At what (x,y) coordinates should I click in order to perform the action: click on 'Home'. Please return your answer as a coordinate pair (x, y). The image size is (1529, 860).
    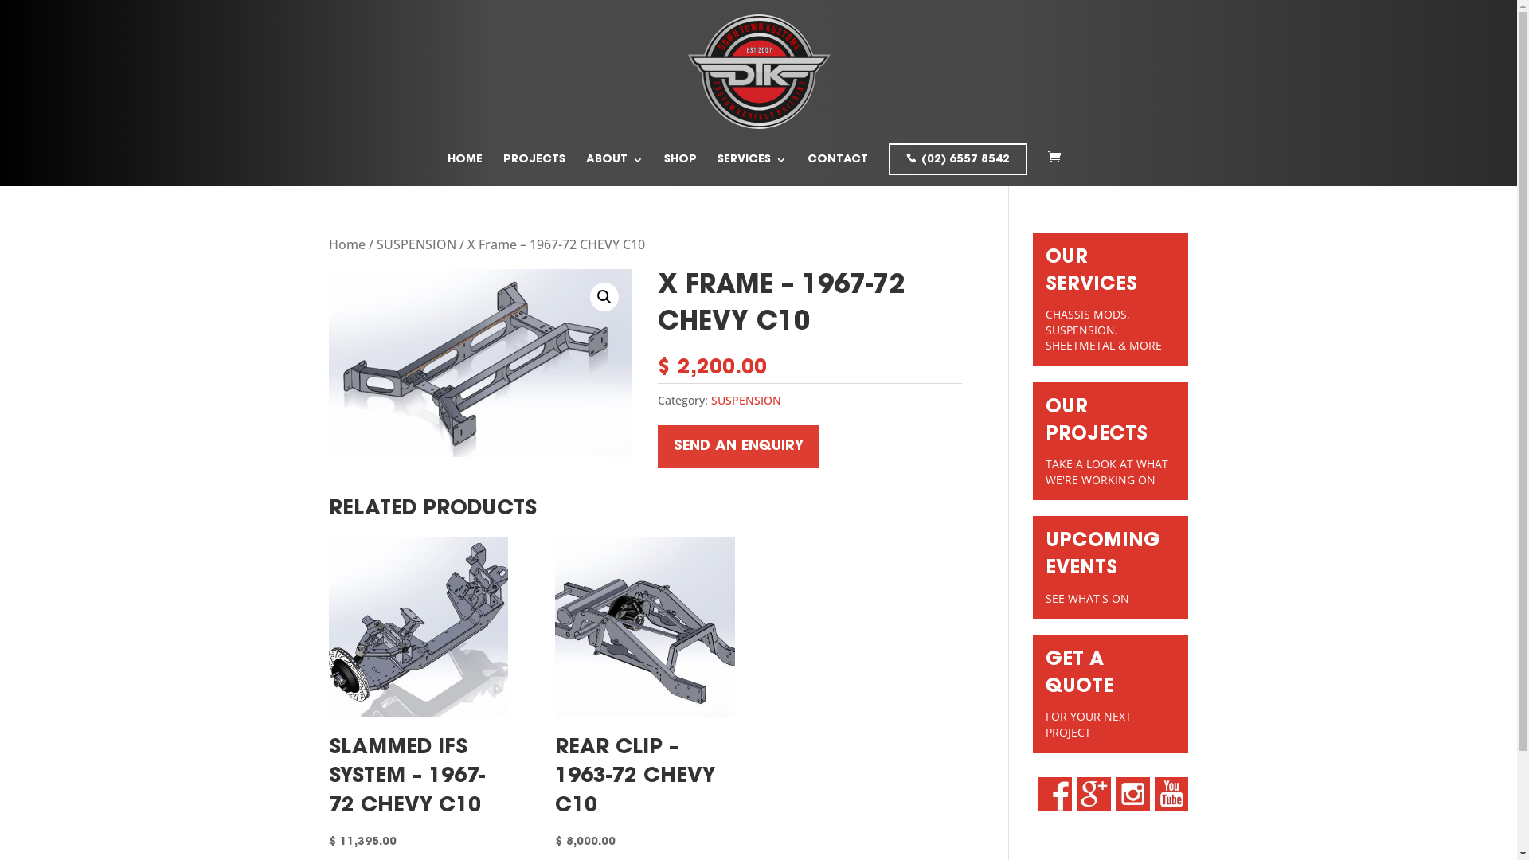
    Looking at the image, I should click on (346, 244).